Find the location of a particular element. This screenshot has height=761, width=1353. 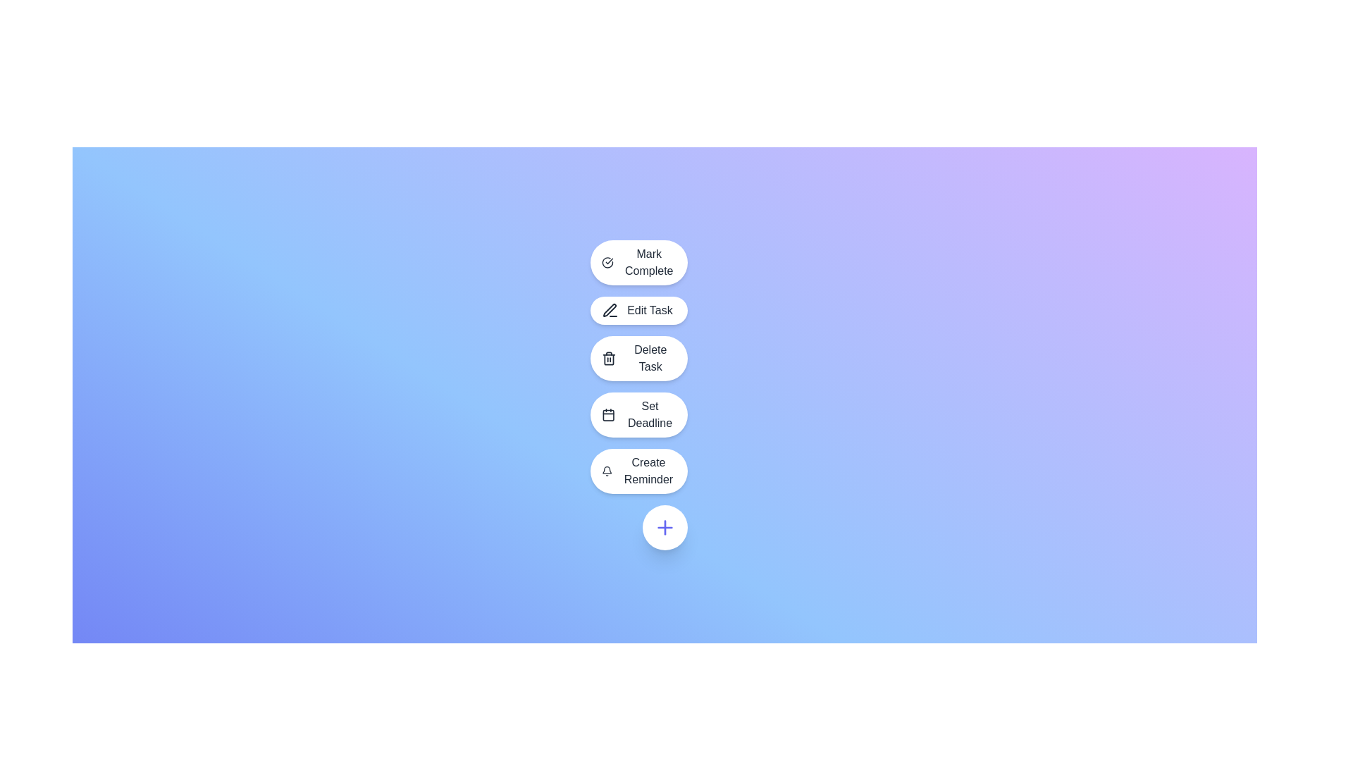

the 'Edit Task' button, which is a horizontally elongated button with rounded corners, a white background, and a pen icon on the left is located at coordinates (638, 309).